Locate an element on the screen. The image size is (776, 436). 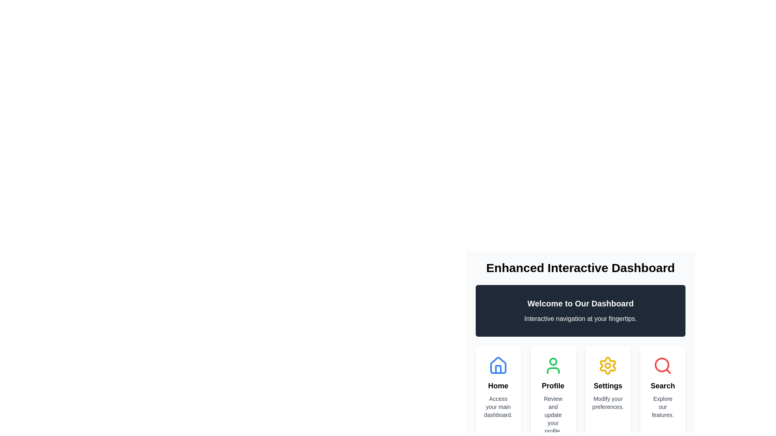
the blue house icon located in the first icon box labeled 'Home' in the navigation row below the dashboard heading is located at coordinates (498, 365).